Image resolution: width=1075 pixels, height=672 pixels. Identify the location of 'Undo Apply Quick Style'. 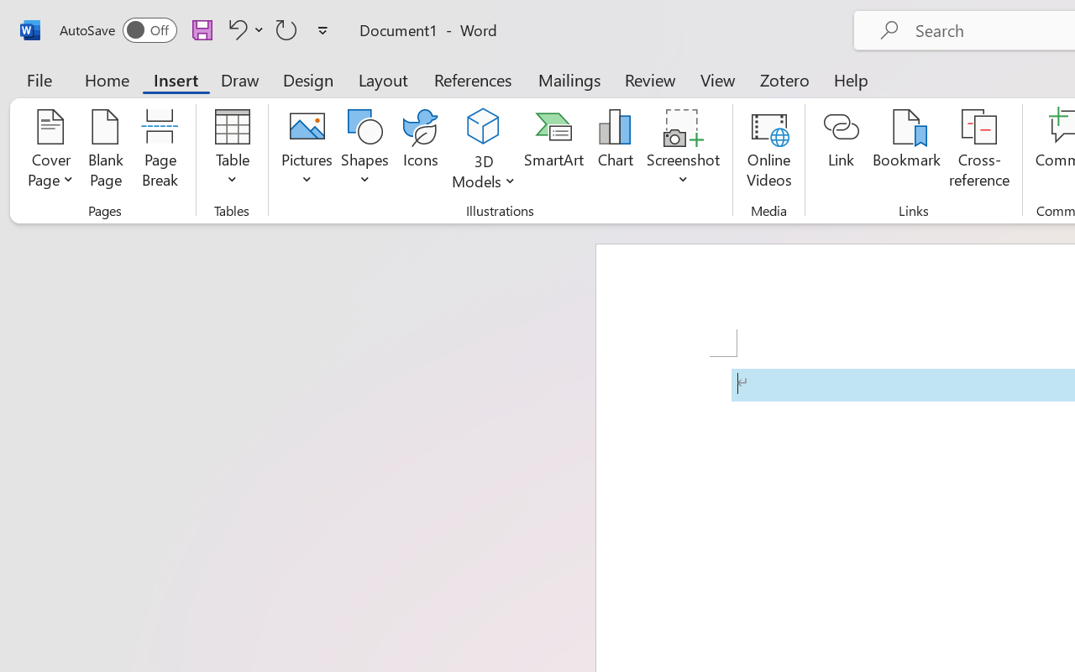
(243, 29).